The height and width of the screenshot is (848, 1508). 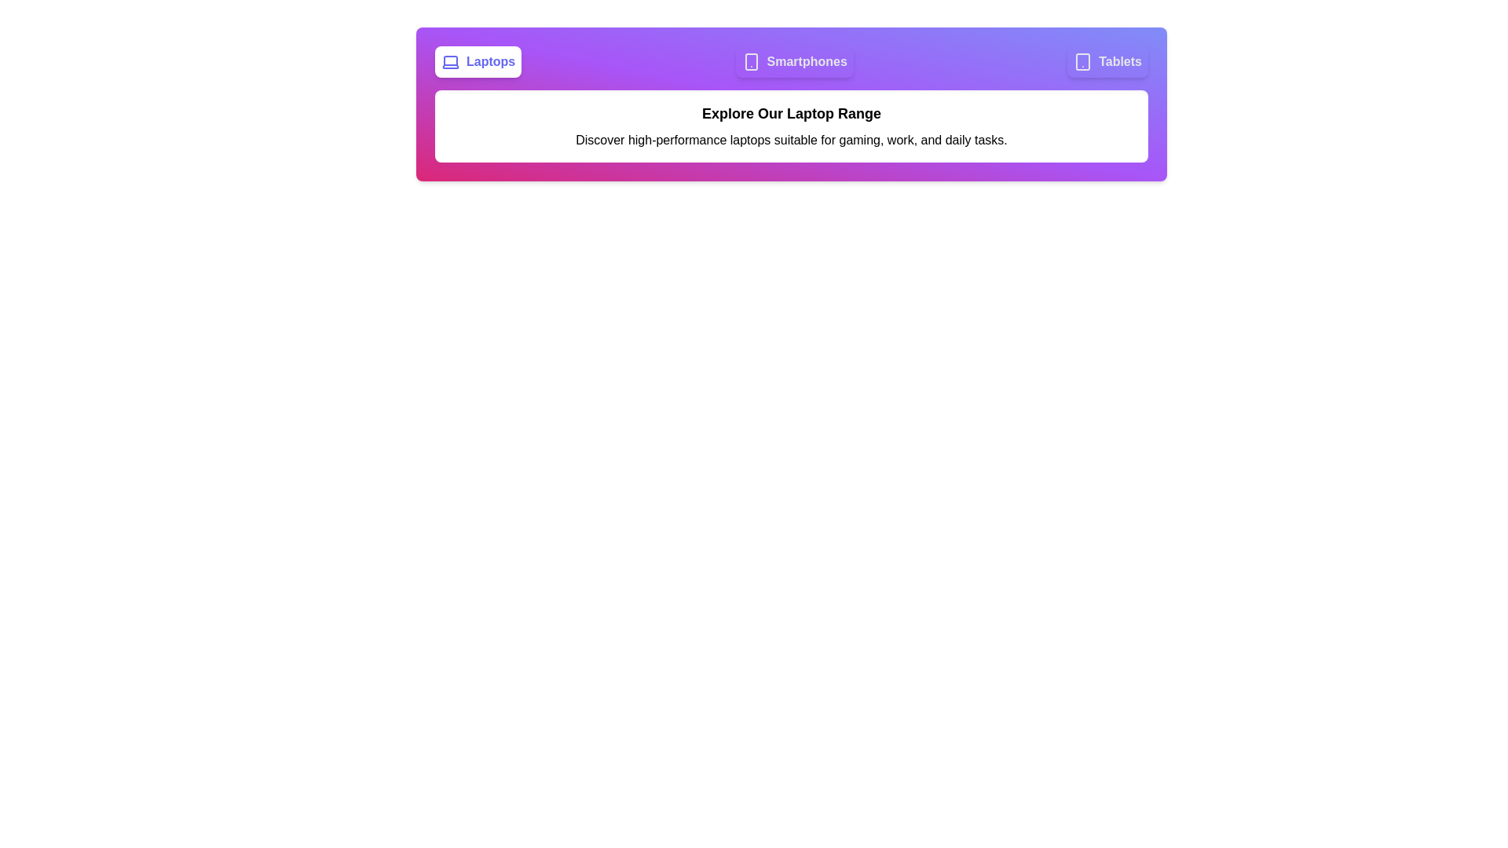 I want to click on the tab labeled 'Laptops' to observe its hover effect, so click(x=478, y=60).